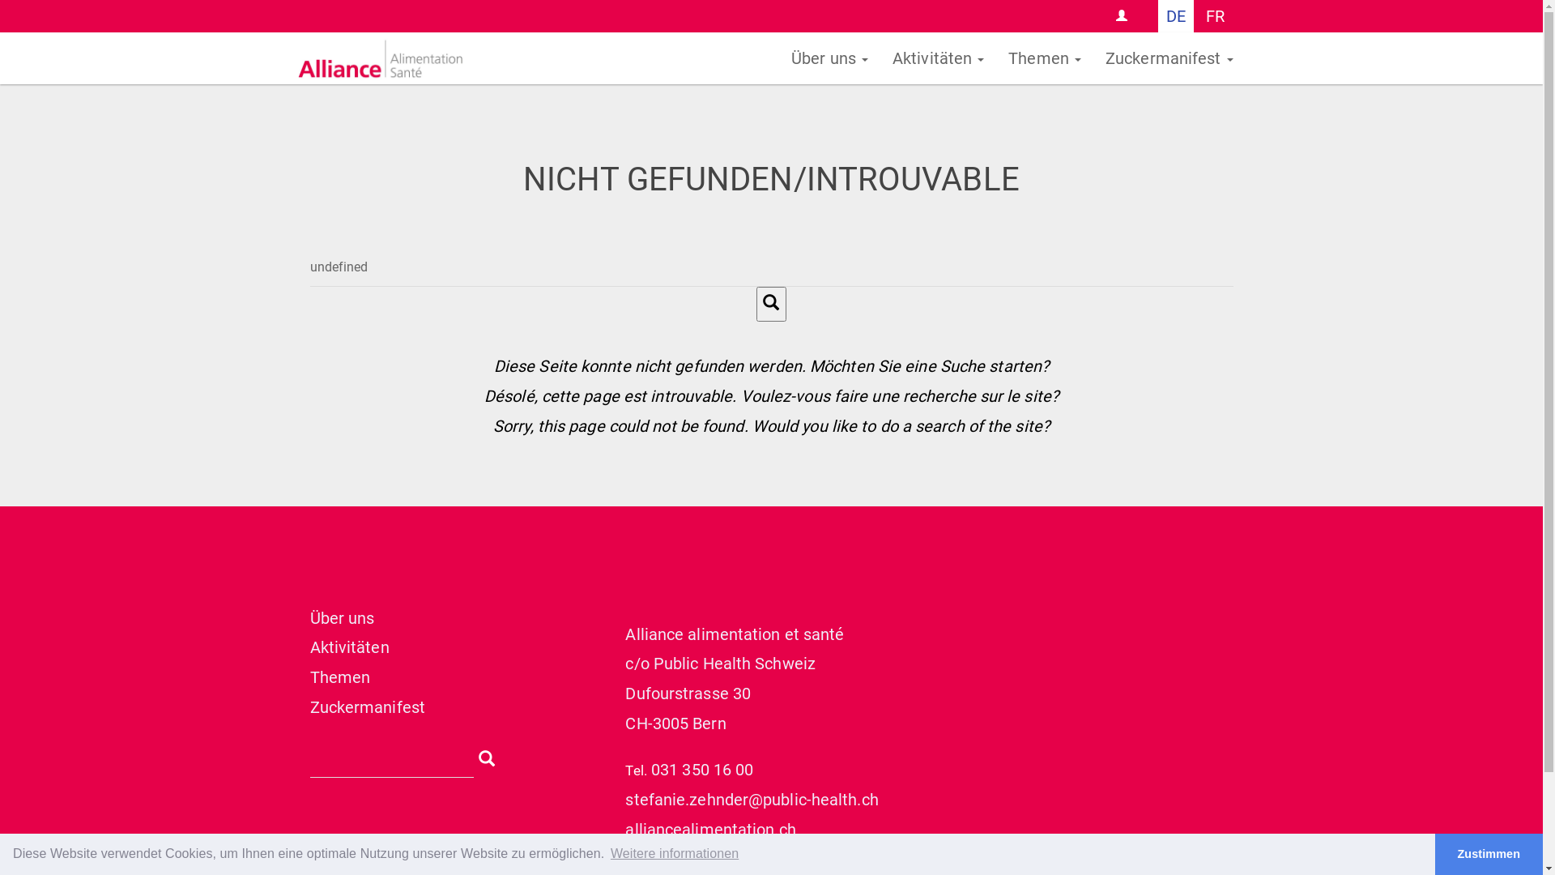 The height and width of the screenshot is (875, 1555). I want to click on 'Zuckermanifest', so click(1169, 58).